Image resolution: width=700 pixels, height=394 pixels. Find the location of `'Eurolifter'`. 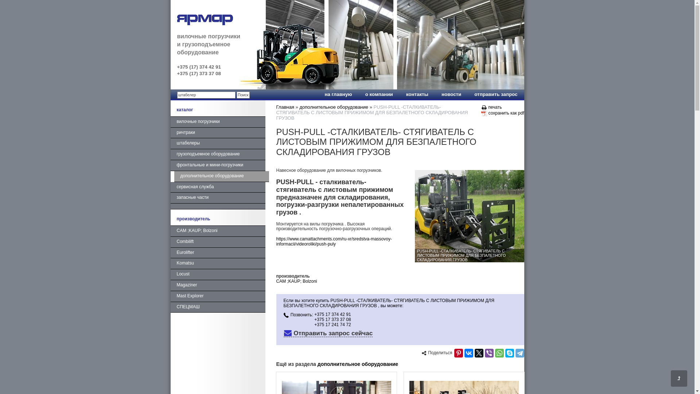

'Eurolifter' is located at coordinates (218, 253).